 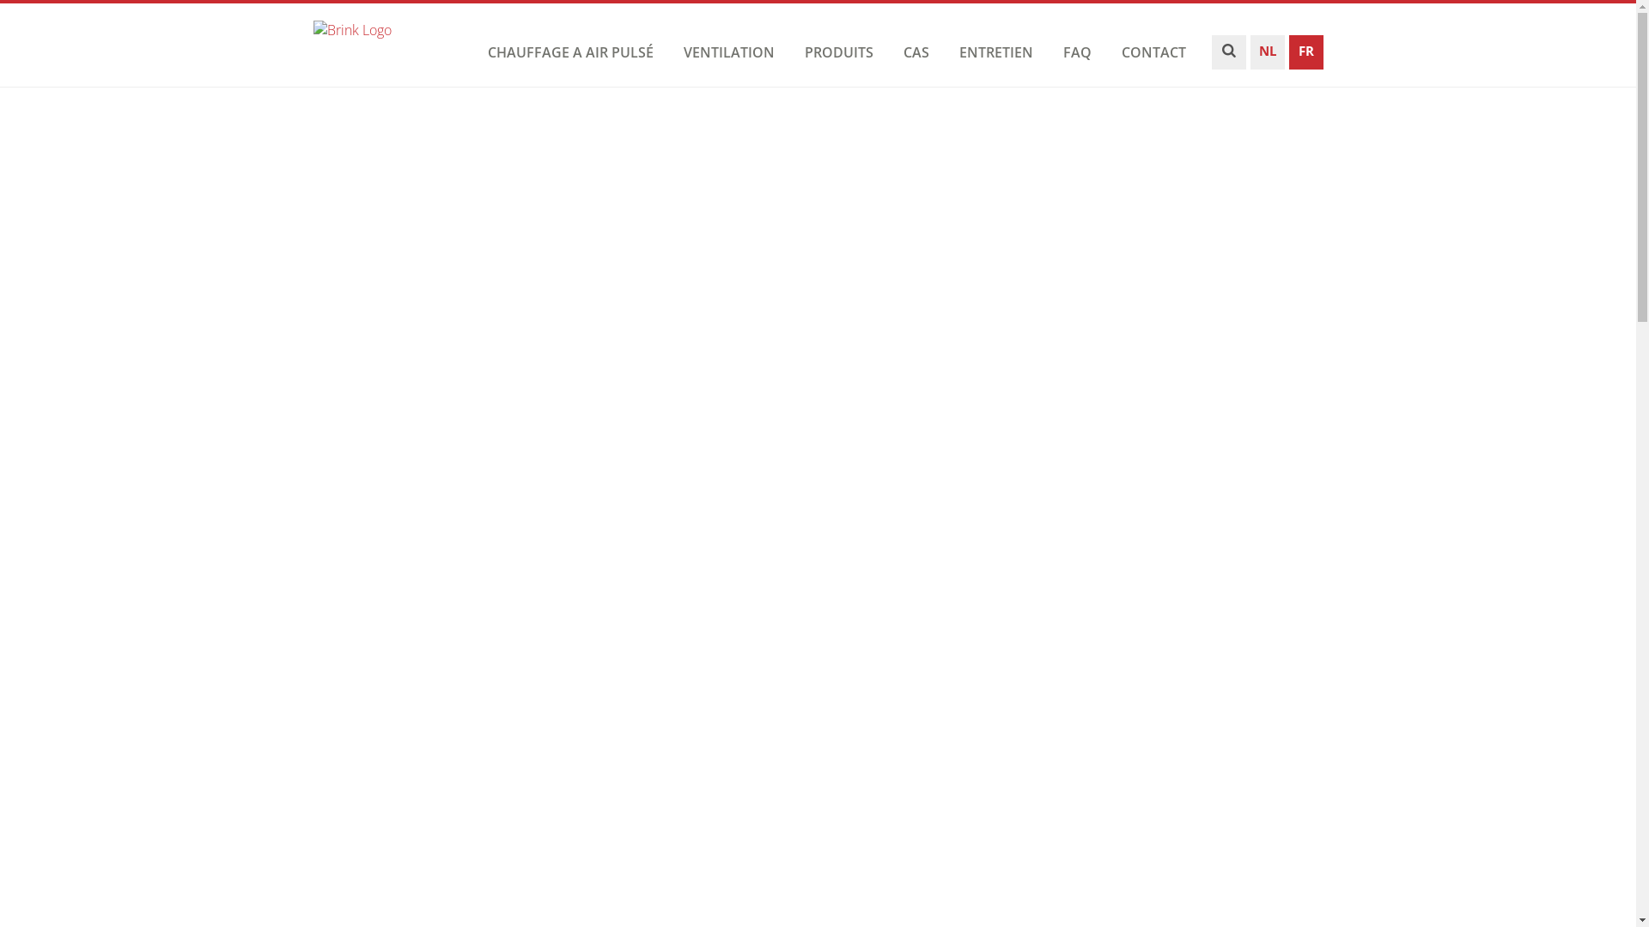 I want to click on 'FR', so click(x=1287, y=55).